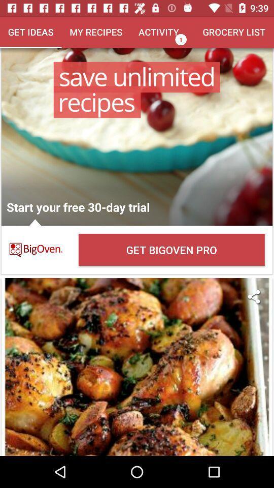  I want to click on the recipe picture, so click(137, 367).